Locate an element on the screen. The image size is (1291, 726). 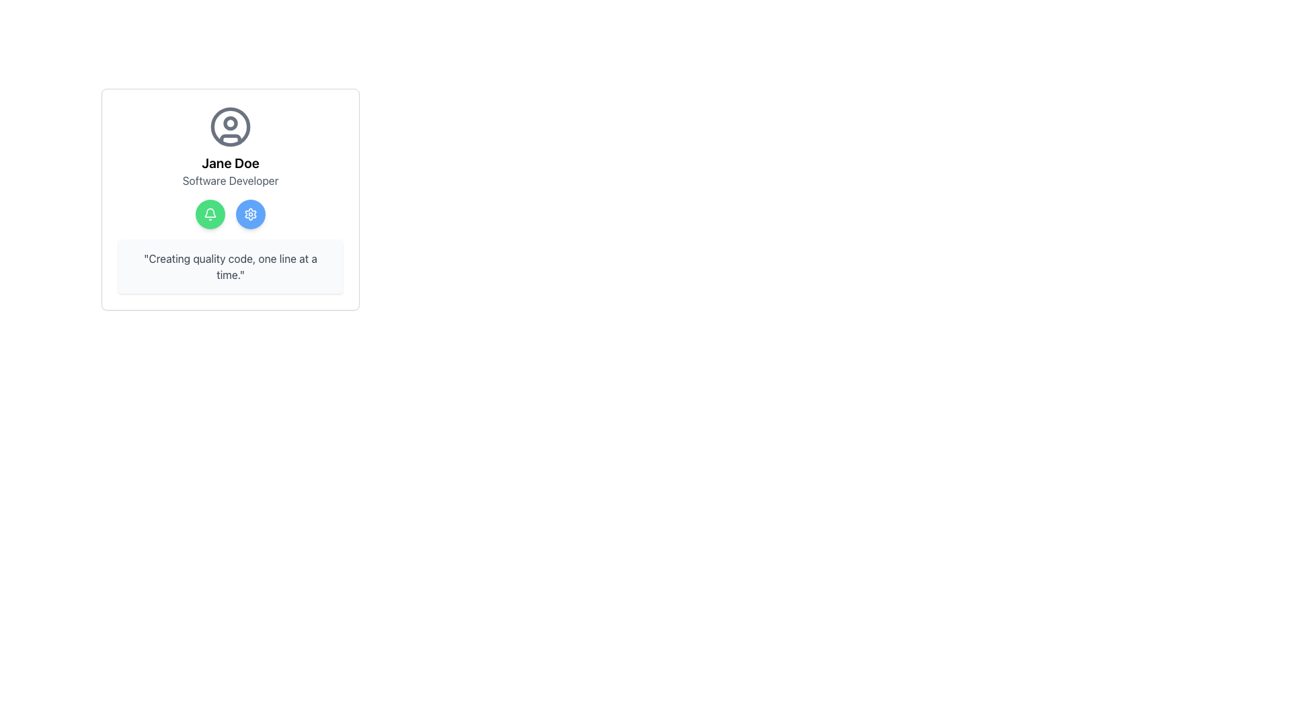
the cogwheel icon located within the second circular icon from the left, beneath the text 'Jane Doe' and above the quote is located at coordinates (251, 214).